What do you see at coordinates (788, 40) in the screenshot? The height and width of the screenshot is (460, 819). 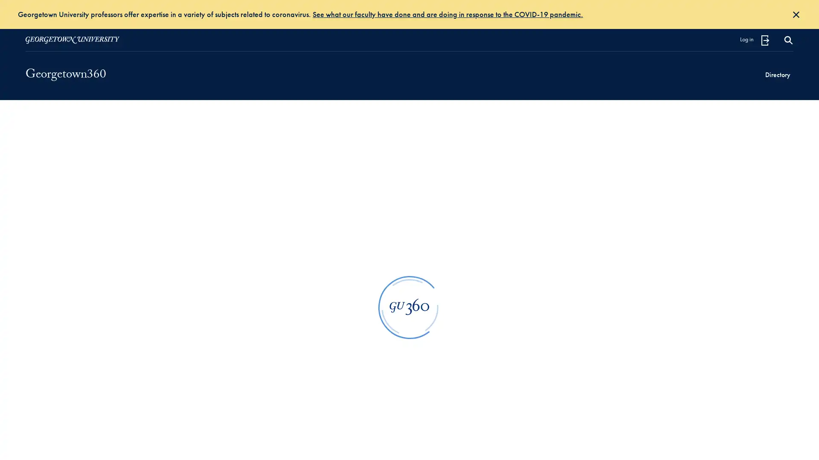 I see `Site wide Faculty Search` at bounding box center [788, 40].